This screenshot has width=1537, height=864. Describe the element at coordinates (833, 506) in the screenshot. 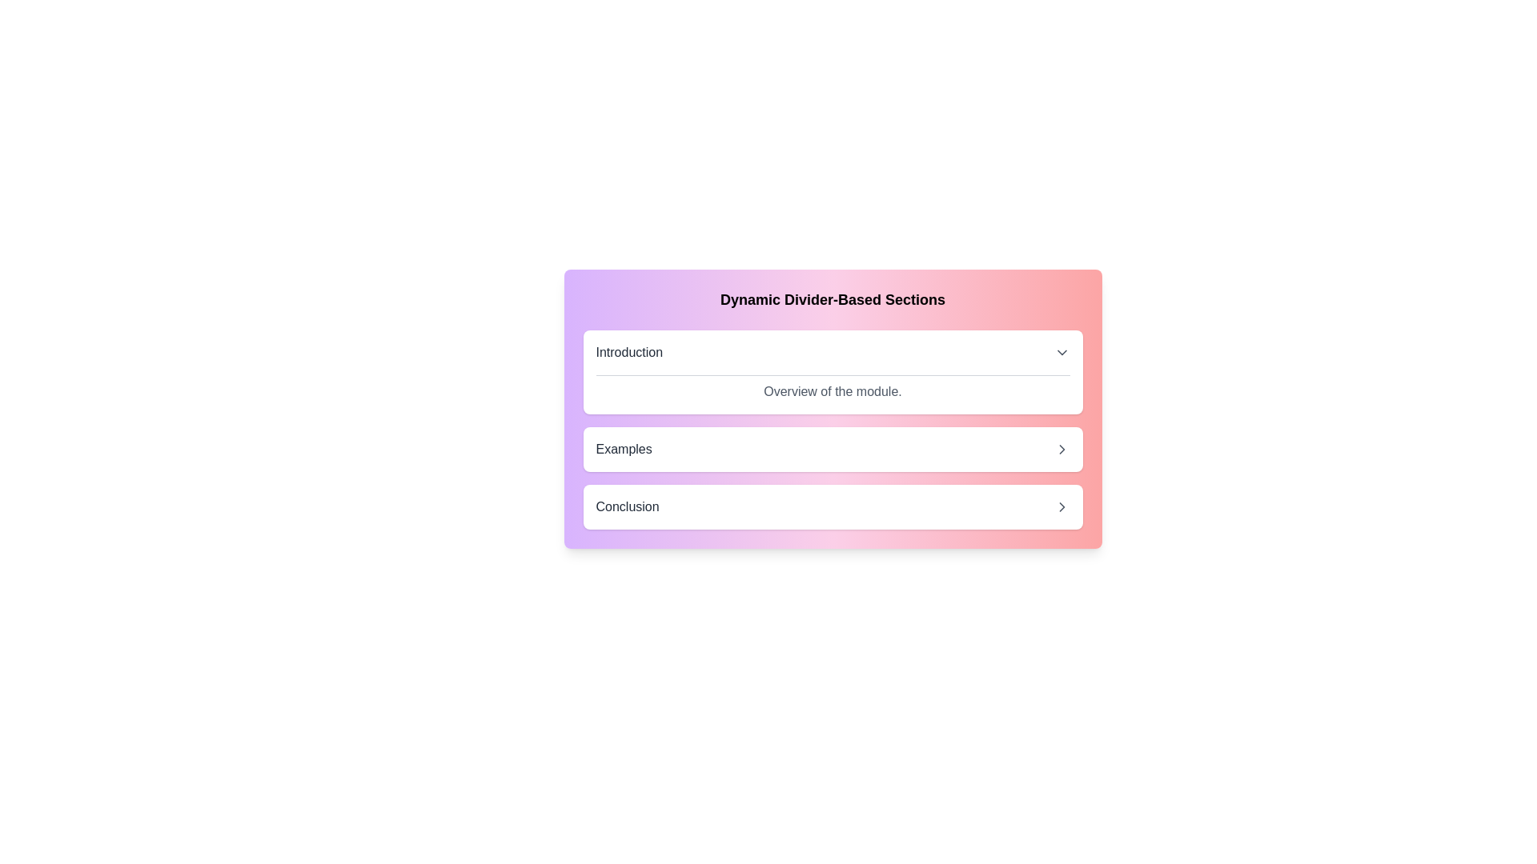

I see `the interactive list item labeled 'Conclusion'` at that location.